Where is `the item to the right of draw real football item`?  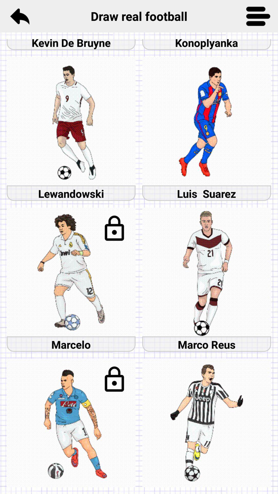
the item to the right of draw real football item is located at coordinates (258, 16).